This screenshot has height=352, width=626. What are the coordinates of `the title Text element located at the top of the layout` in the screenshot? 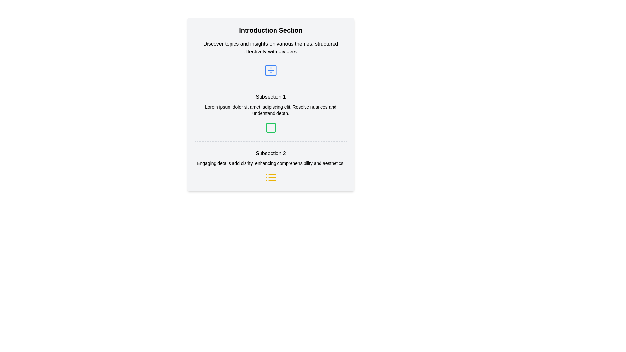 It's located at (271, 30).